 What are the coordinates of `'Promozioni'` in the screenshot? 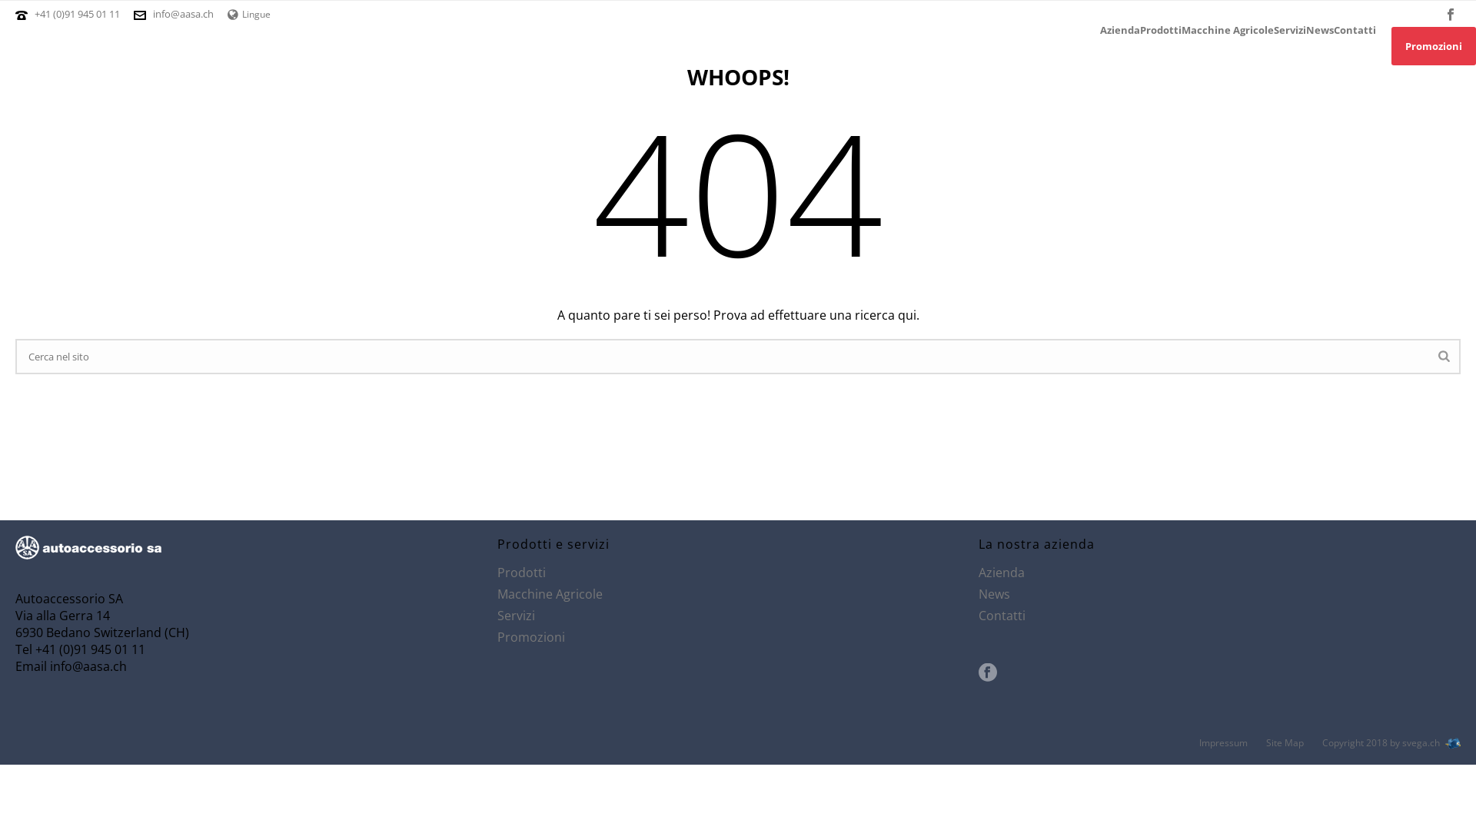 It's located at (531, 637).